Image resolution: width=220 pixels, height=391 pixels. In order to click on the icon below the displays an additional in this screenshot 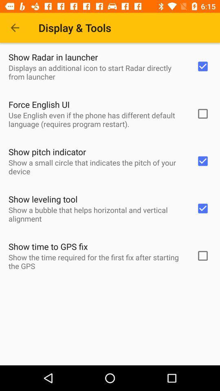, I will do `click(39, 104)`.